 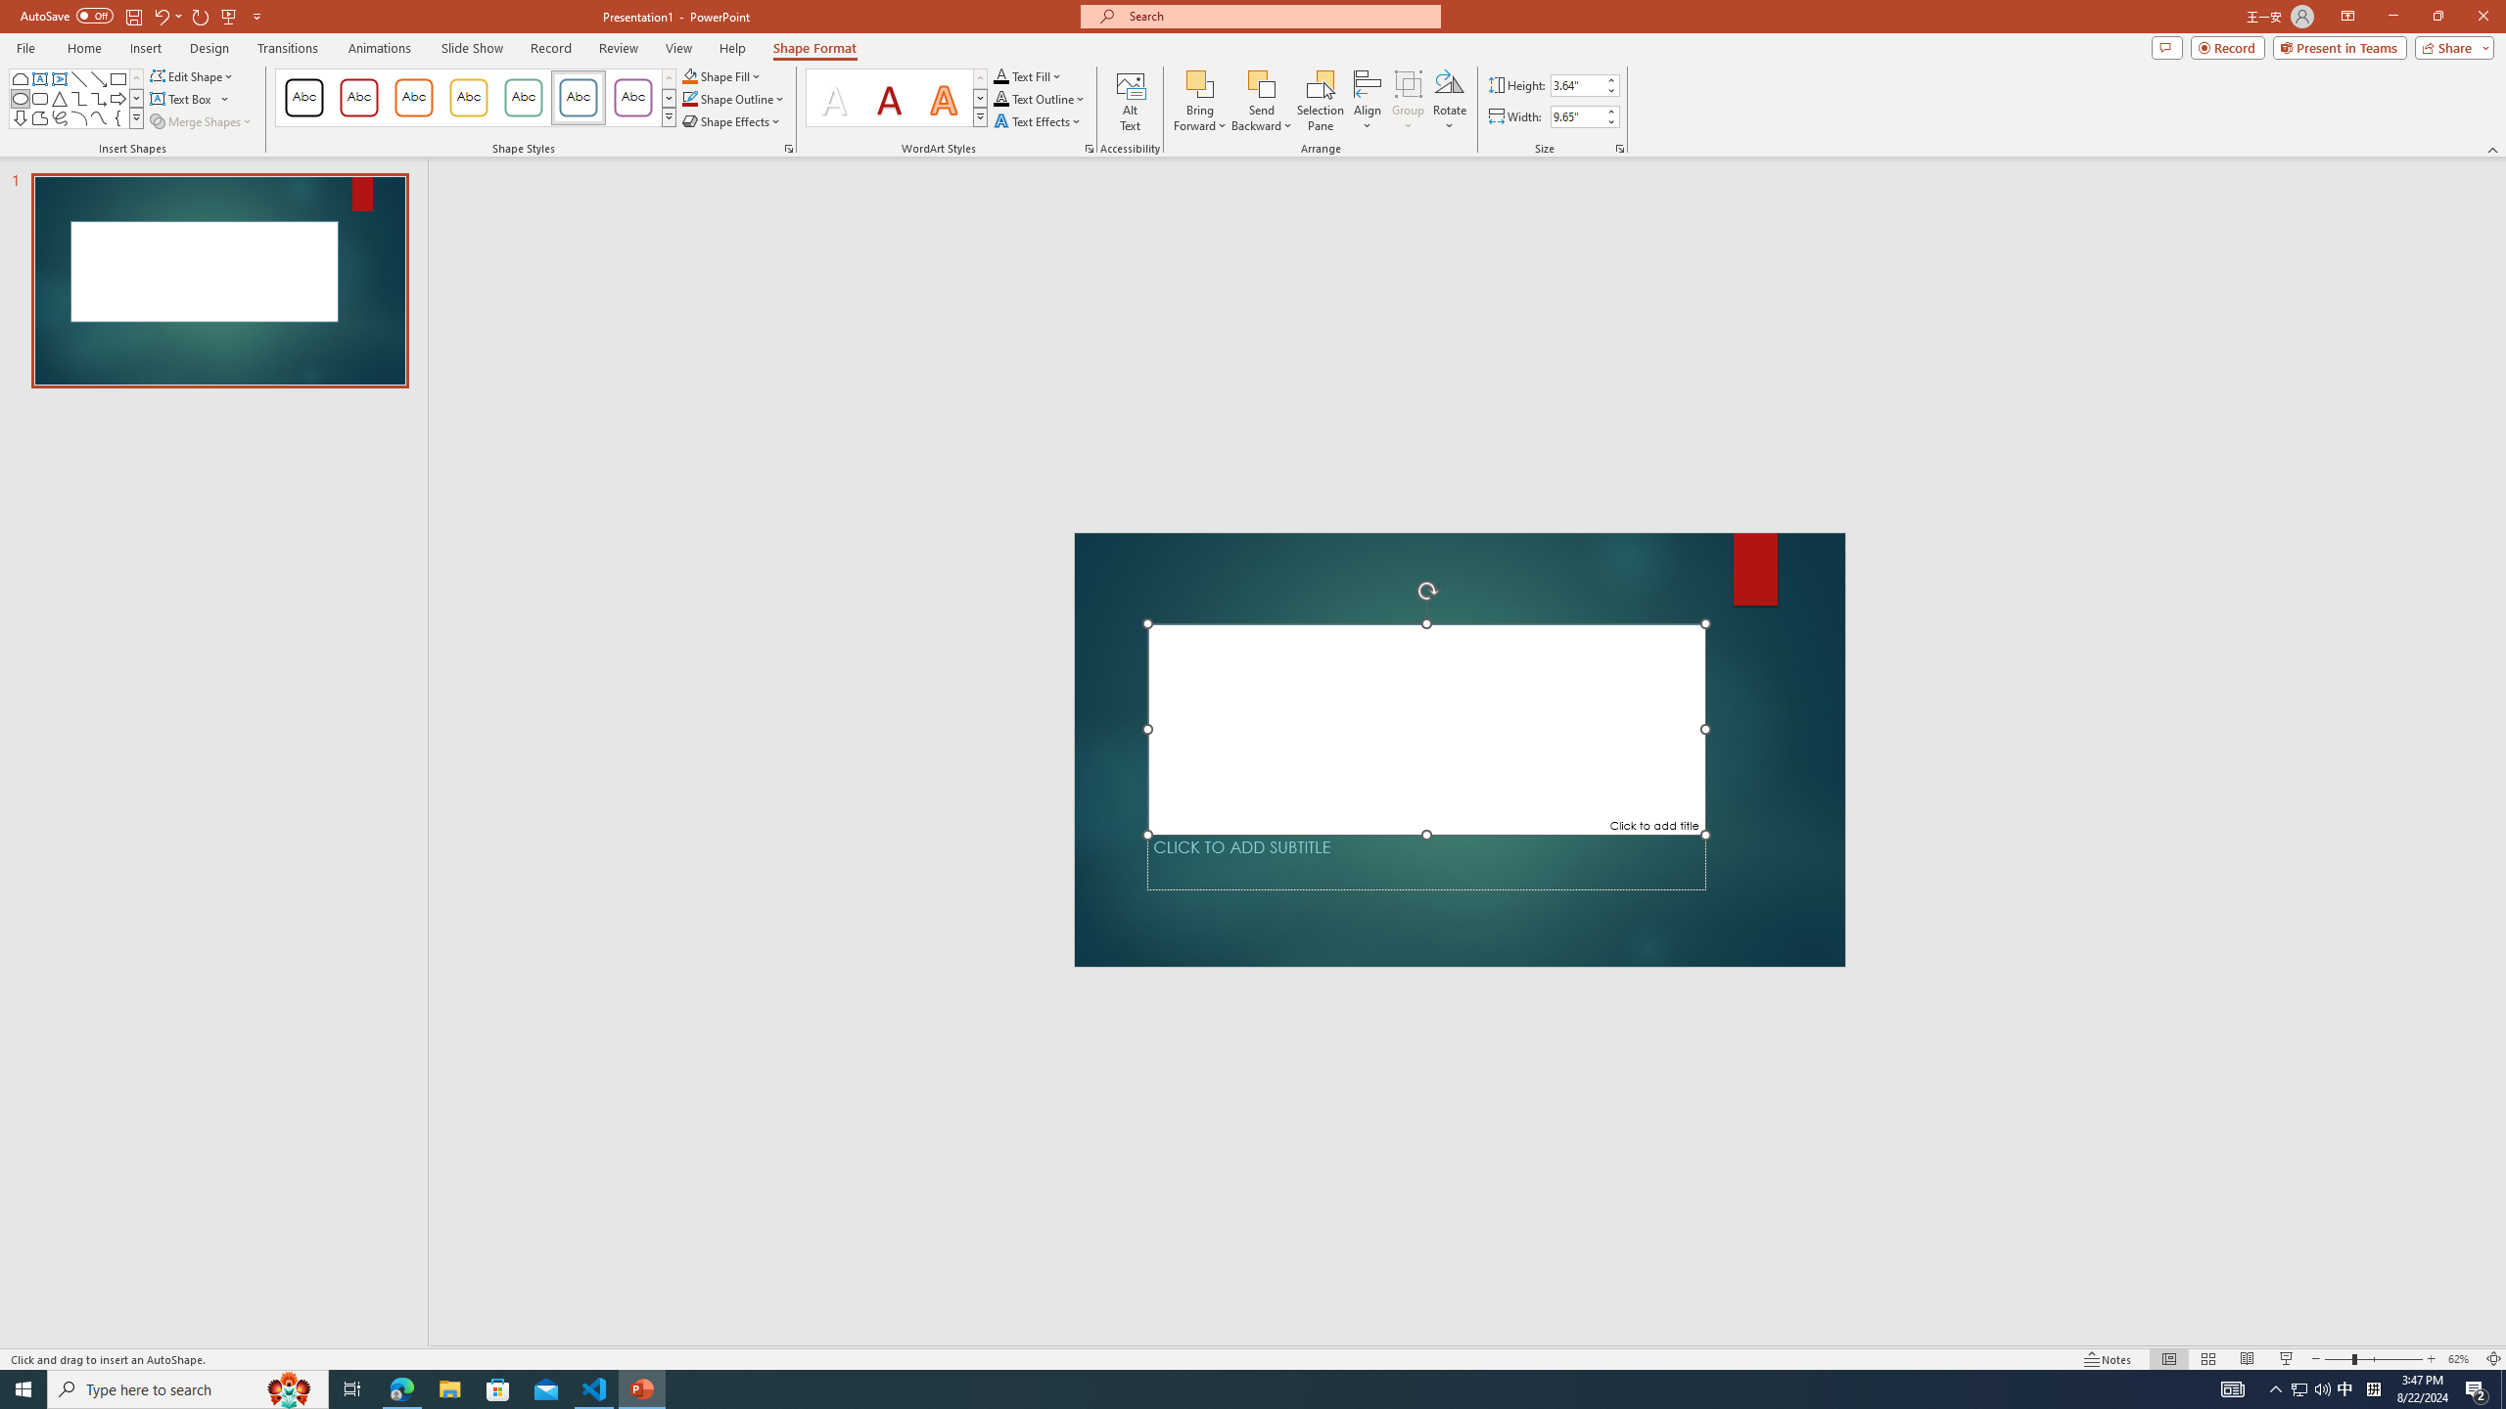 What do you see at coordinates (1408, 101) in the screenshot?
I see `'Group'` at bounding box center [1408, 101].